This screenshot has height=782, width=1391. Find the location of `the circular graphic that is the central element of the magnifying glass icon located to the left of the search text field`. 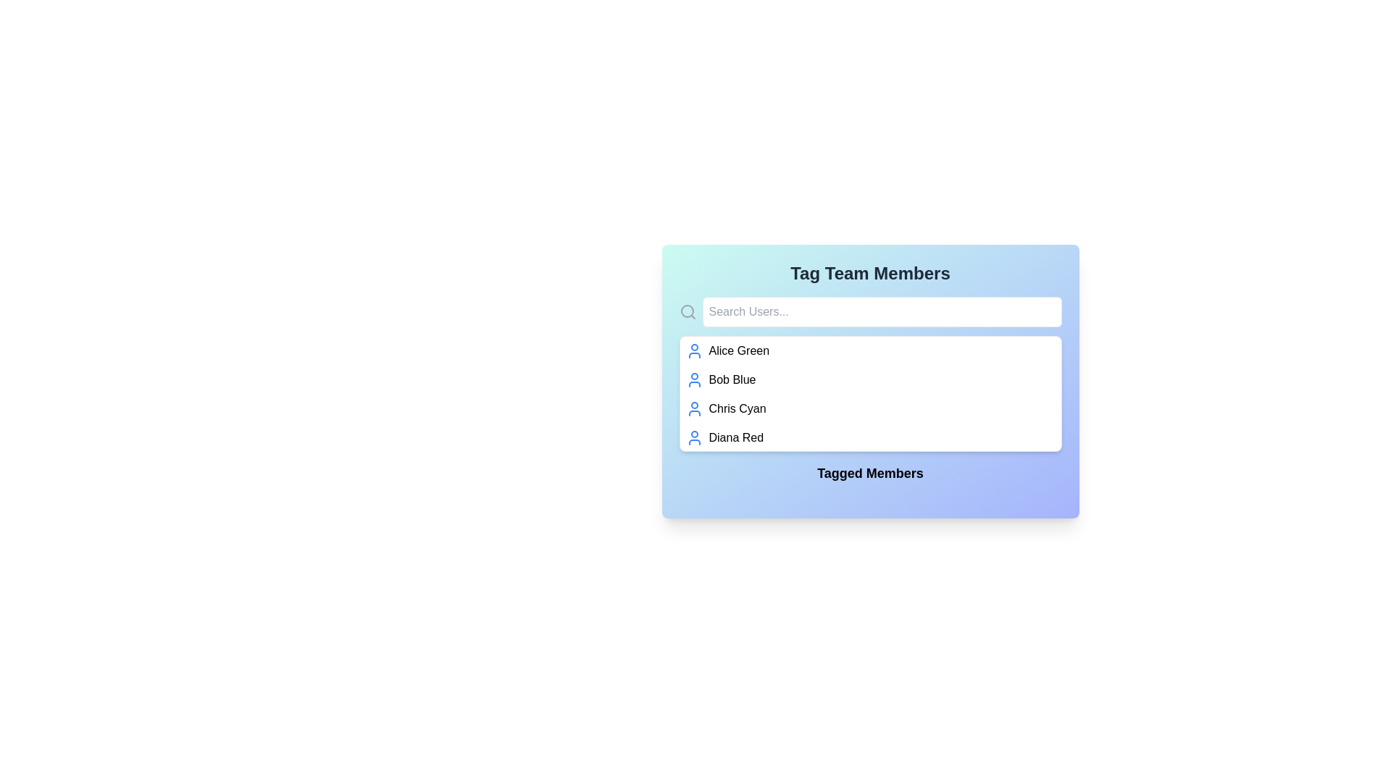

the circular graphic that is the central element of the magnifying glass icon located to the left of the search text field is located at coordinates (686, 310).